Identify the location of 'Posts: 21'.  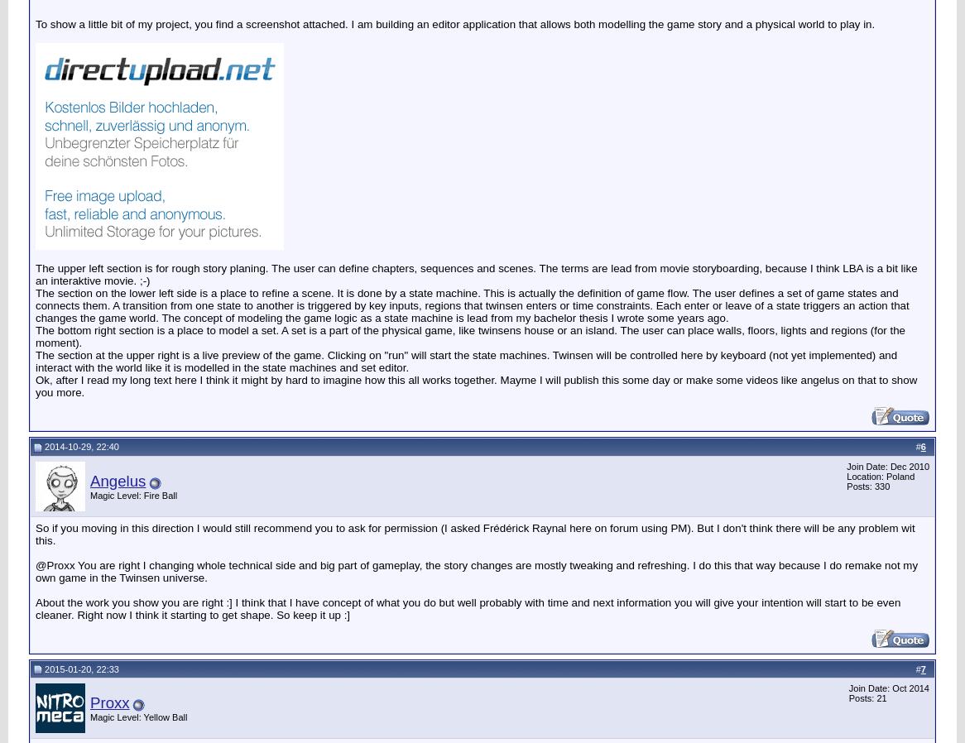
(867, 698).